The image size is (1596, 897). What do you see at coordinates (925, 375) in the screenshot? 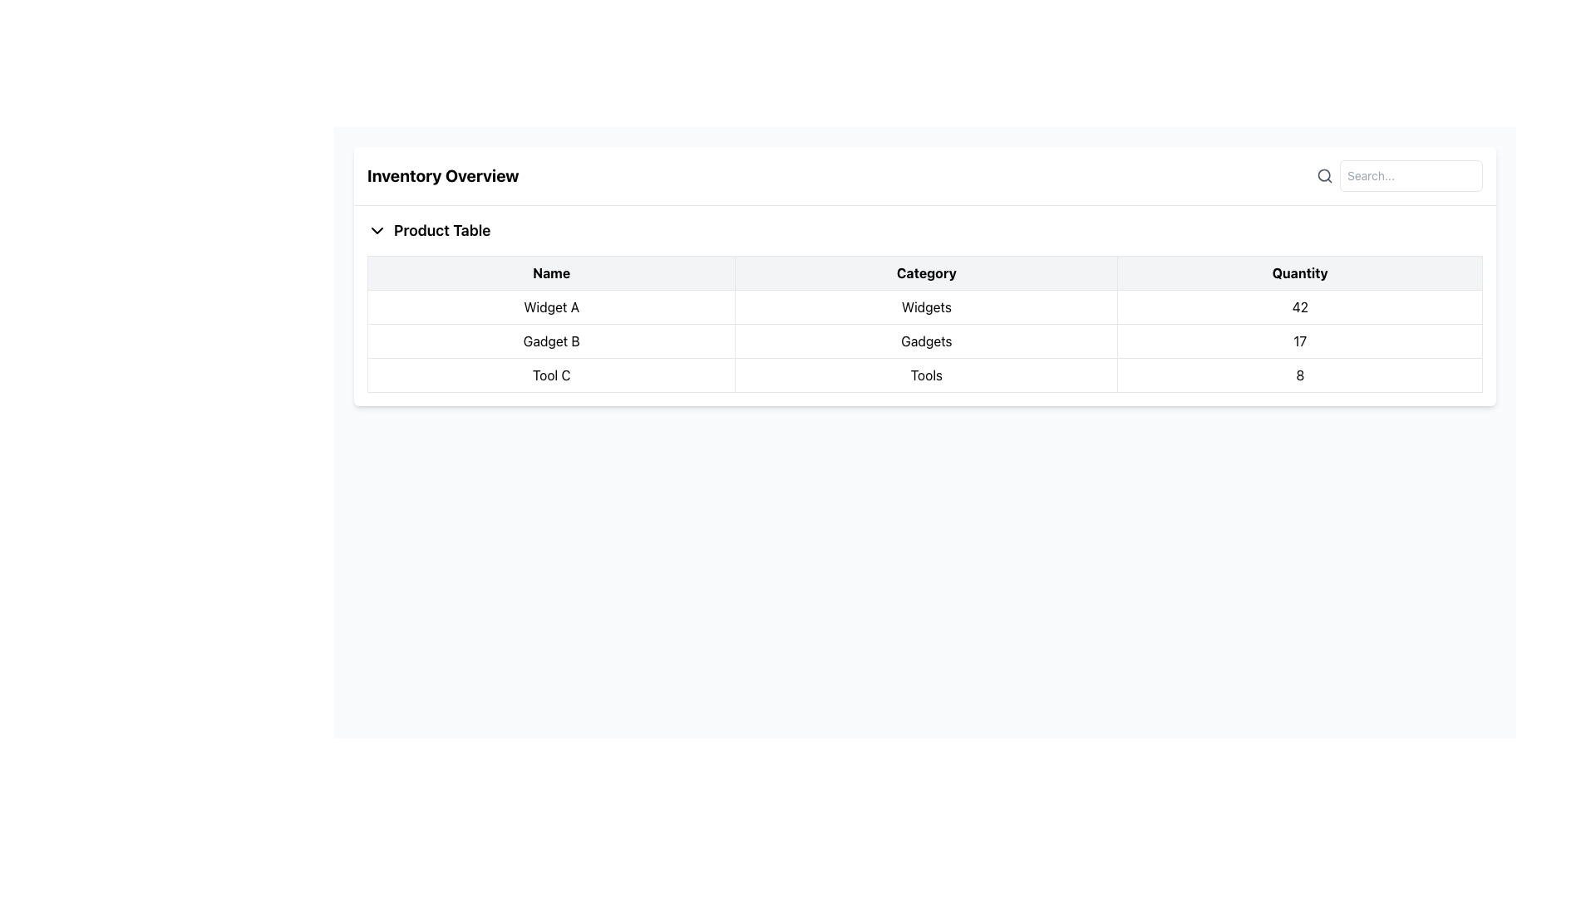
I see `the 'Tools' label element, which is a textual label styled with padding and a border, located in the 'Category' column of the table row aligned with 'Tool C'` at bounding box center [925, 375].